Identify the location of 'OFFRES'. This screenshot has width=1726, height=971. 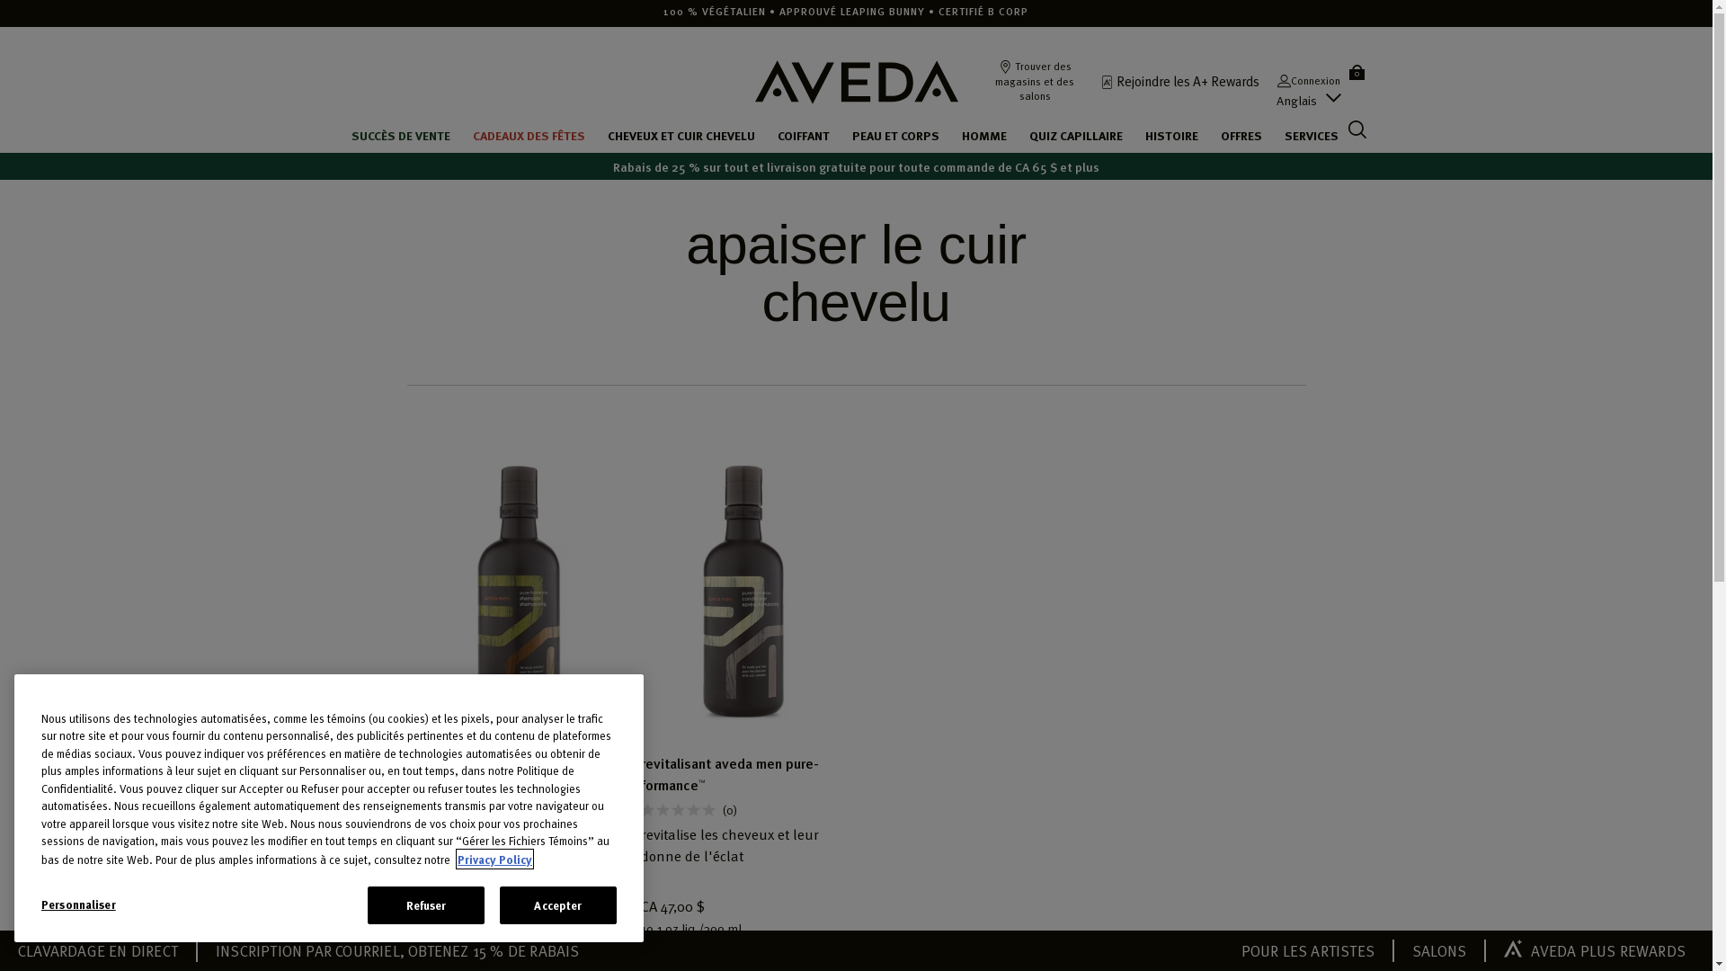
(1241, 134).